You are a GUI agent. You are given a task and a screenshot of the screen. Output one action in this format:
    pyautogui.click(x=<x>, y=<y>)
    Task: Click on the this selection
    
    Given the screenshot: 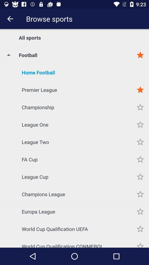 What is the action you would take?
    pyautogui.click(x=140, y=211)
    